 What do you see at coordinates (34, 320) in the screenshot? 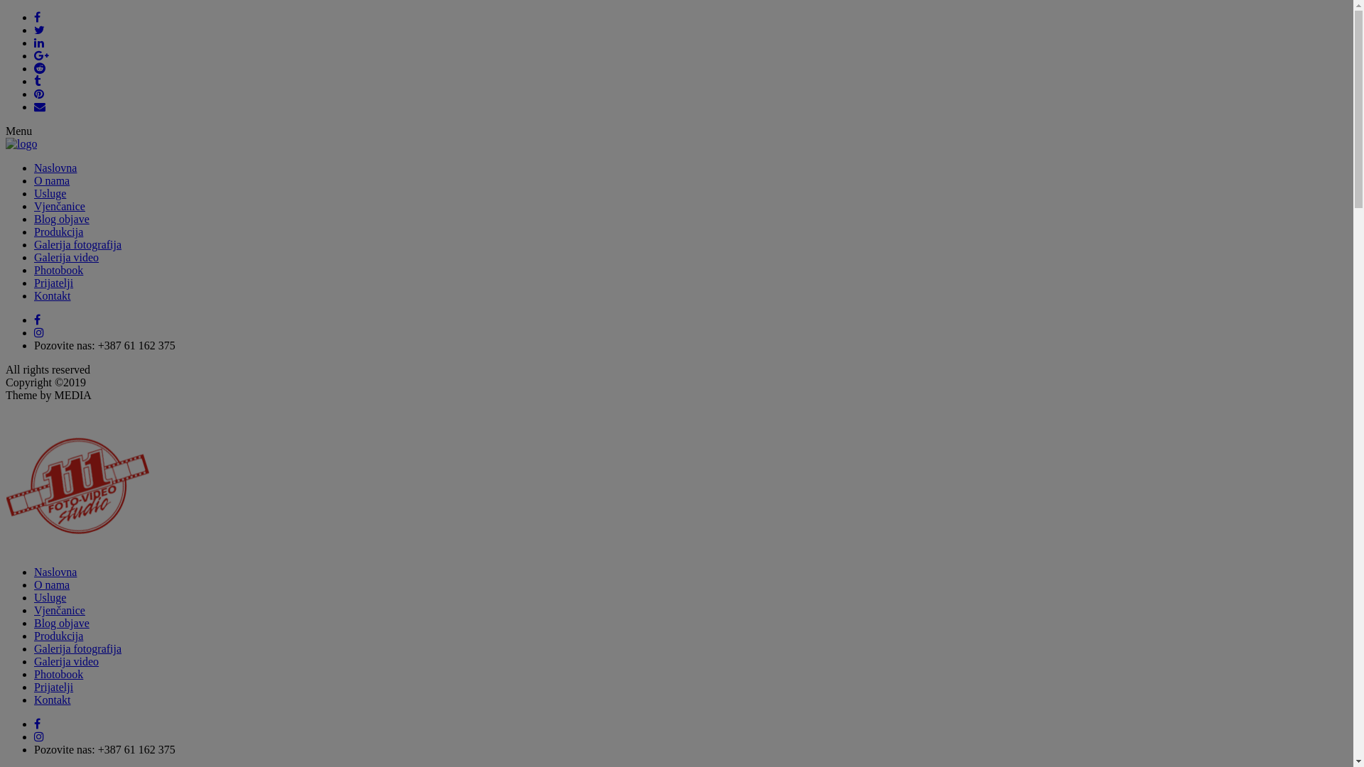
I see `'Facebook'` at bounding box center [34, 320].